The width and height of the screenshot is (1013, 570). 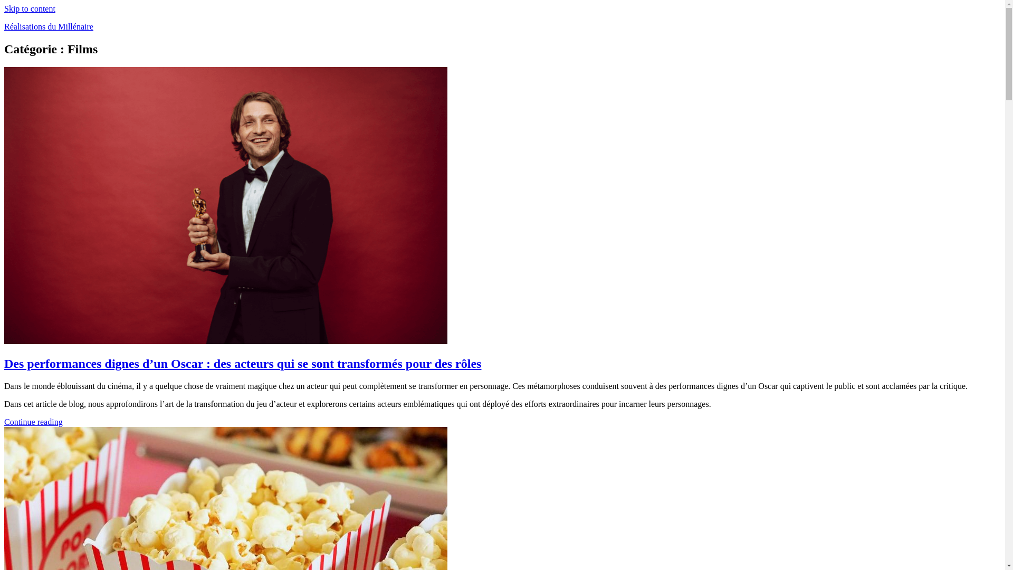 What do you see at coordinates (30, 8) in the screenshot?
I see `'Skip to content'` at bounding box center [30, 8].